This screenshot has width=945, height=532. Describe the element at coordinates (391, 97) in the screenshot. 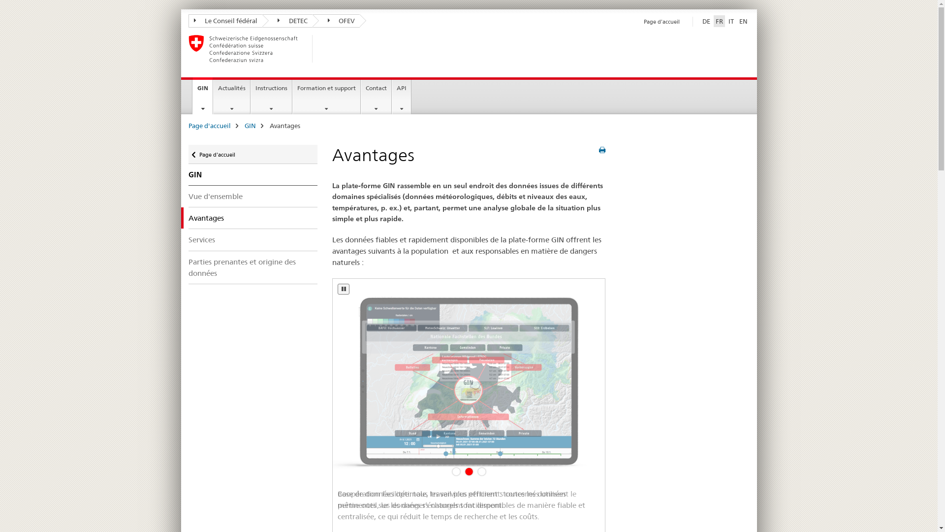

I see `'API'` at that location.